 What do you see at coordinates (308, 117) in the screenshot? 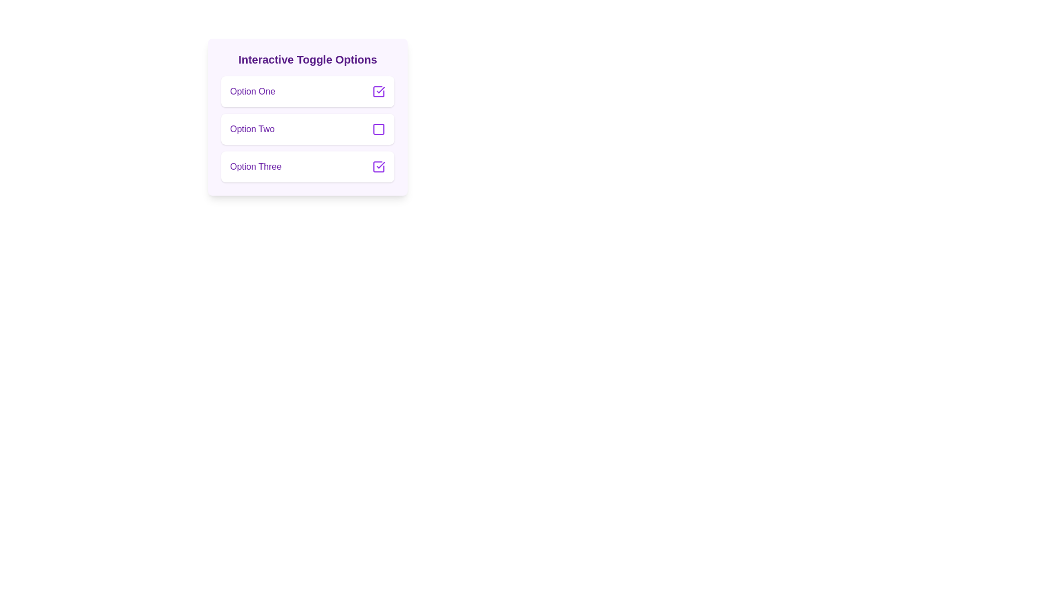
I see `the 'Option Two' selectable checkbox` at bounding box center [308, 117].